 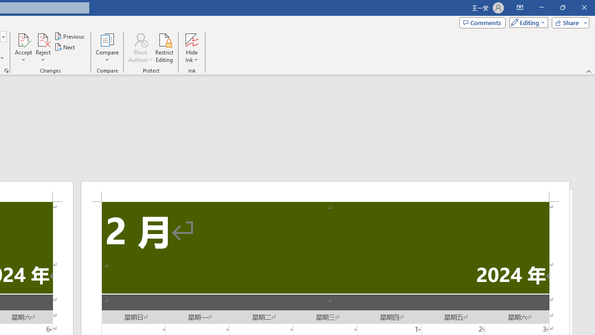 I want to click on 'Accept', so click(x=23, y=48).